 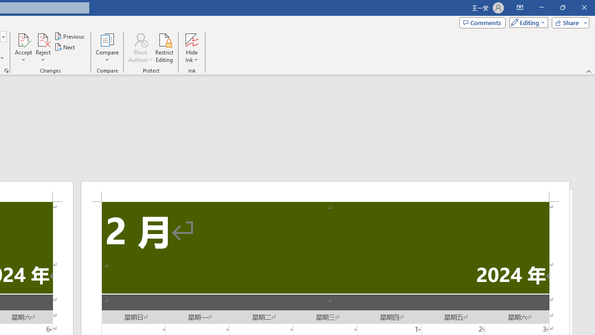 I want to click on 'Accept', so click(x=23, y=48).